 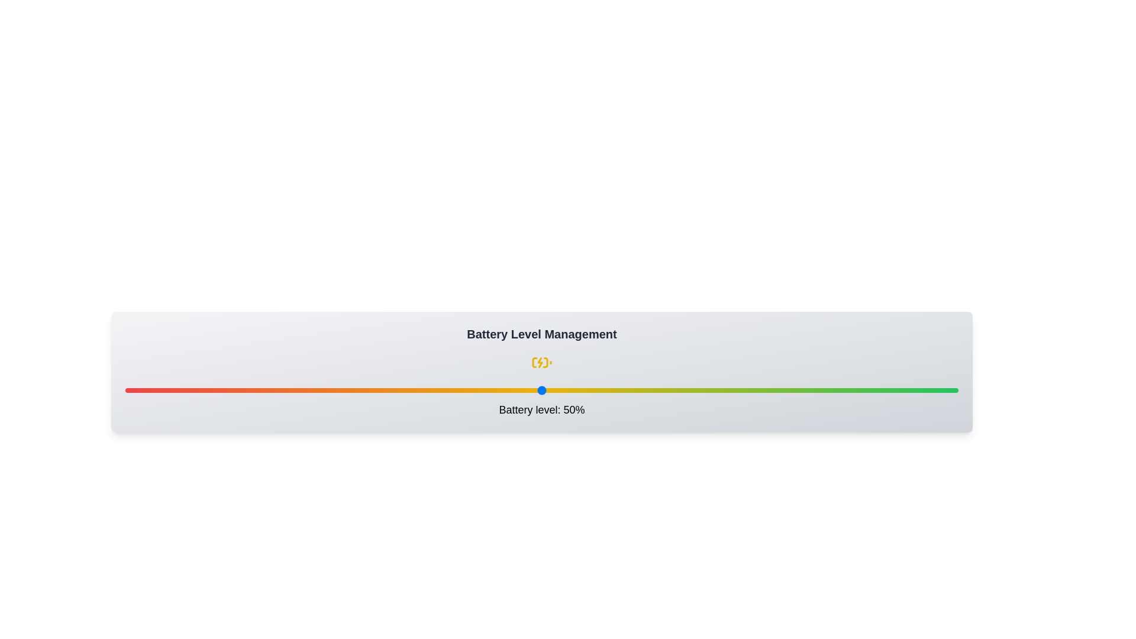 What do you see at coordinates (208, 390) in the screenshot?
I see `the battery level to 10% by interacting with the slider` at bounding box center [208, 390].